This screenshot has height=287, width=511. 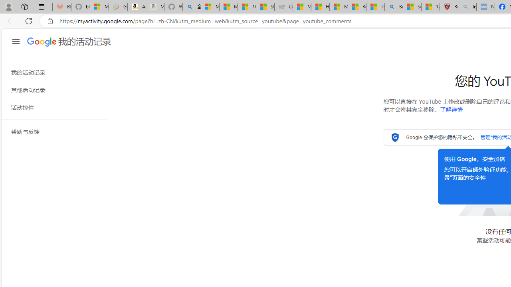 What do you see at coordinates (412, 7) in the screenshot?
I see `'Science - MSN'` at bounding box center [412, 7].